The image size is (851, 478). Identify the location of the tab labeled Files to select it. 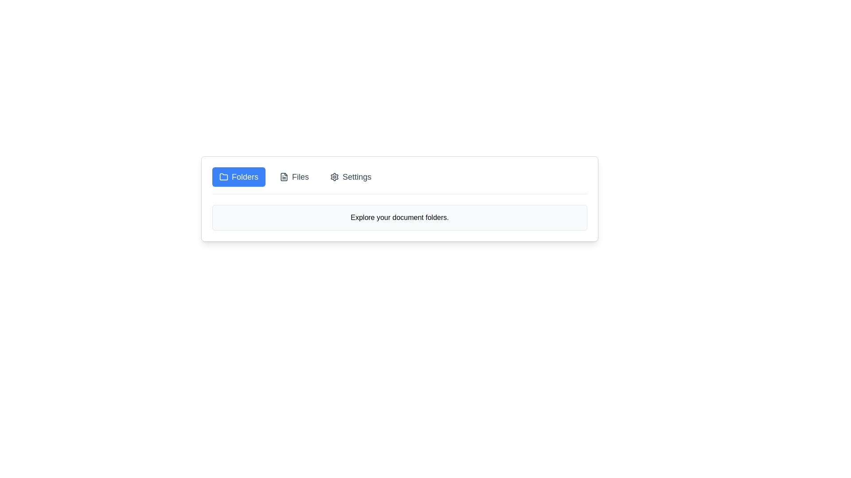
(294, 177).